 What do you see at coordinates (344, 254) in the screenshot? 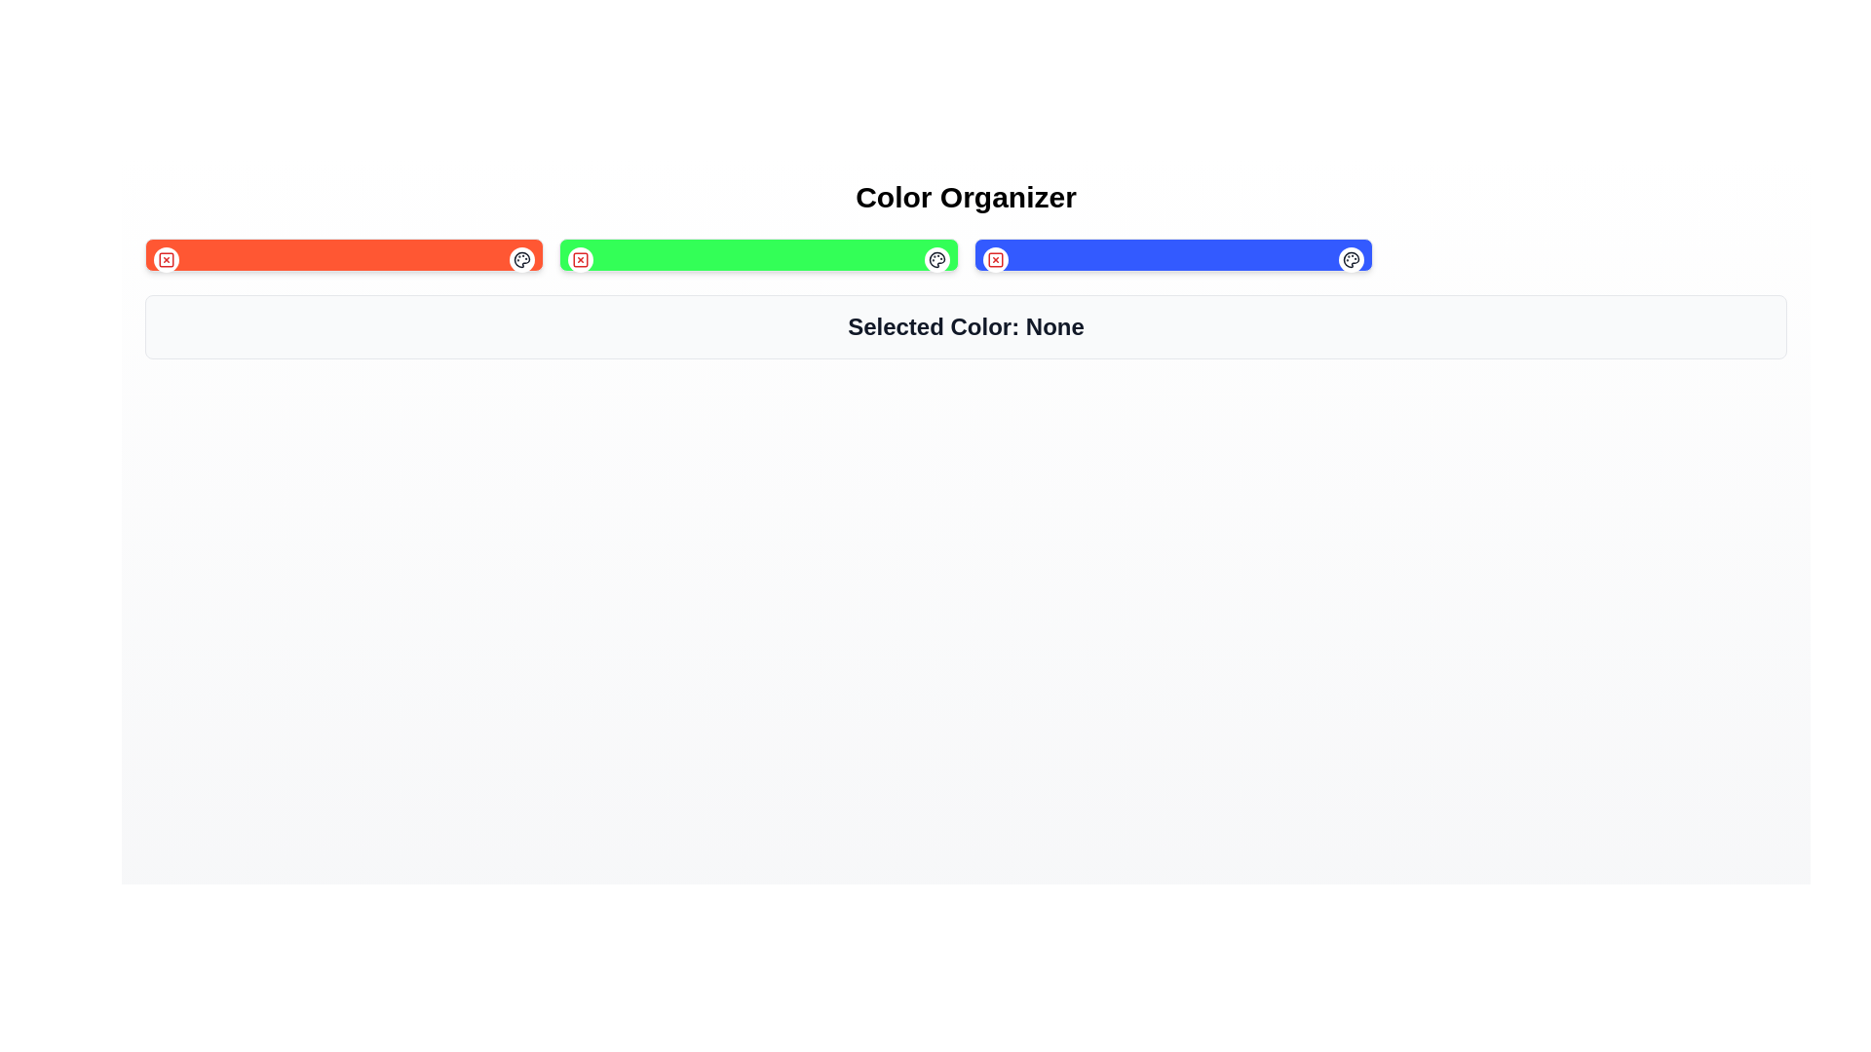
I see `the first color selector in the top-left corner of the four-column grid layout` at bounding box center [344, 254].